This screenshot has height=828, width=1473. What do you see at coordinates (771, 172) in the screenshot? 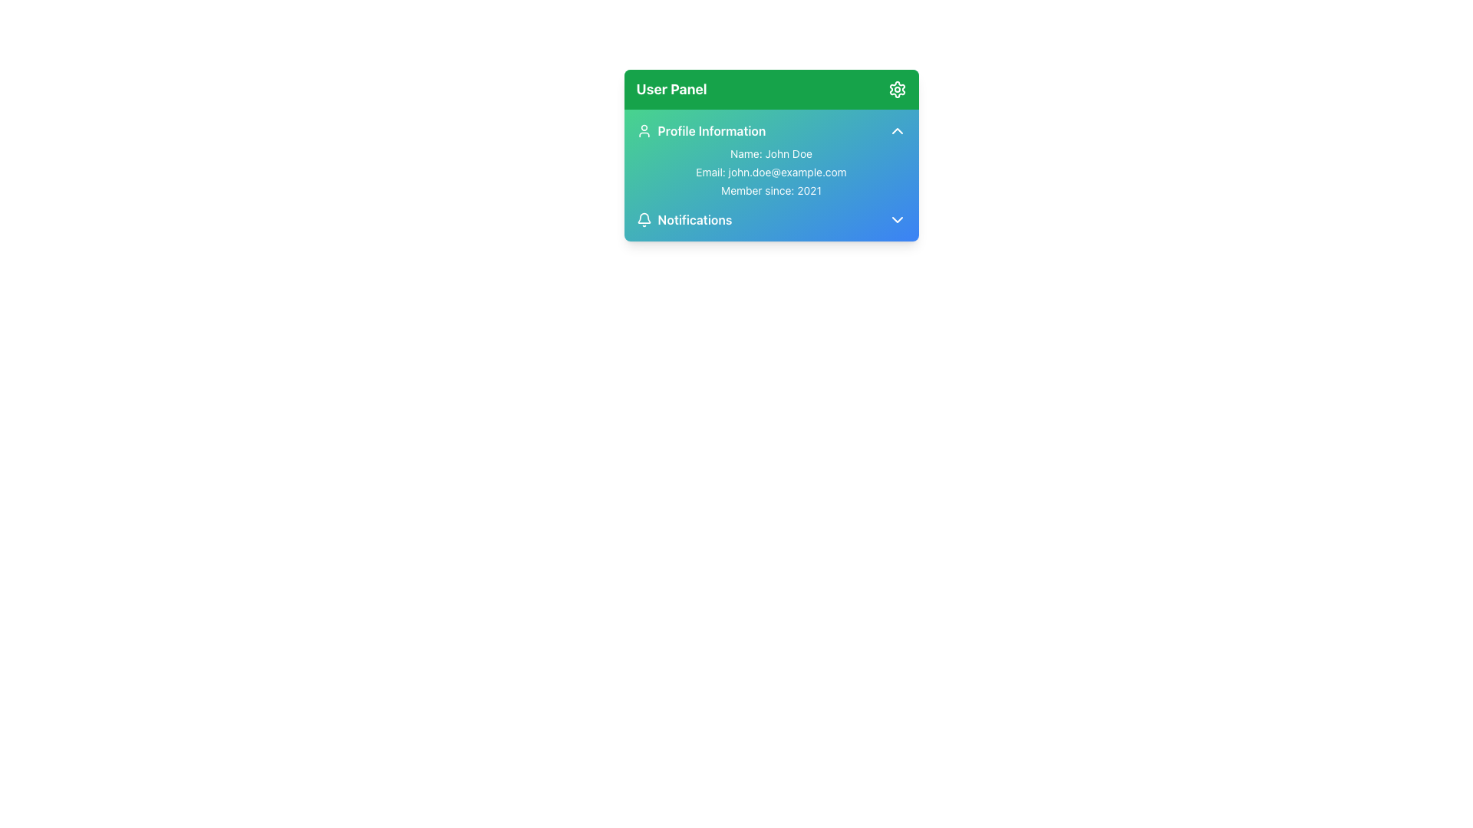
I see `email address displayed in the second Text Label under the 'Profile Information' heading, which shows essential contact information for the user` at bounding box center [771, 172].